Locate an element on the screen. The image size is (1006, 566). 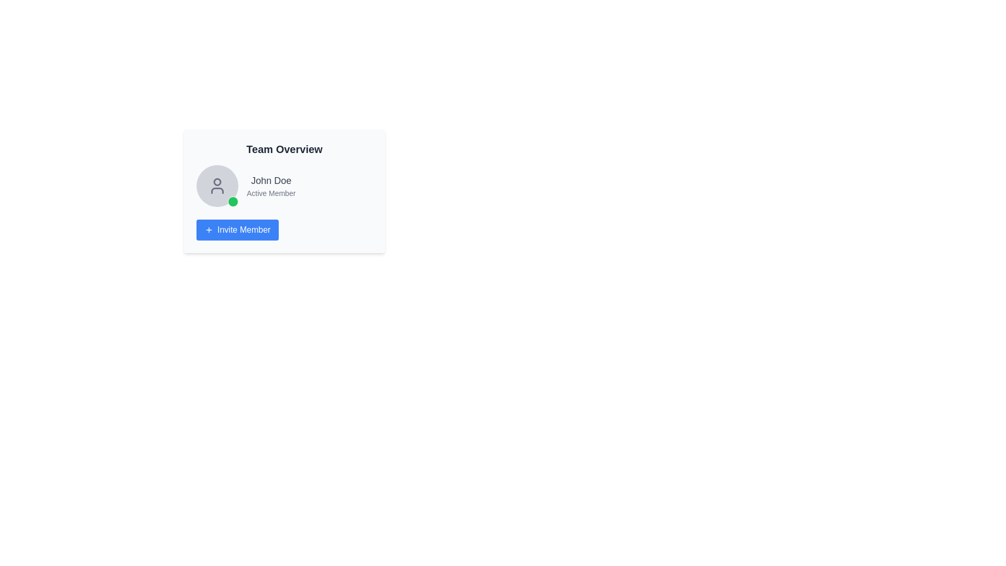
the User Avatar icon, which is a circular element with a light gray background and a dark gray user silhouette, located near the text 'John Doe' and 'Active Member' is located at coordinates (216, 185).